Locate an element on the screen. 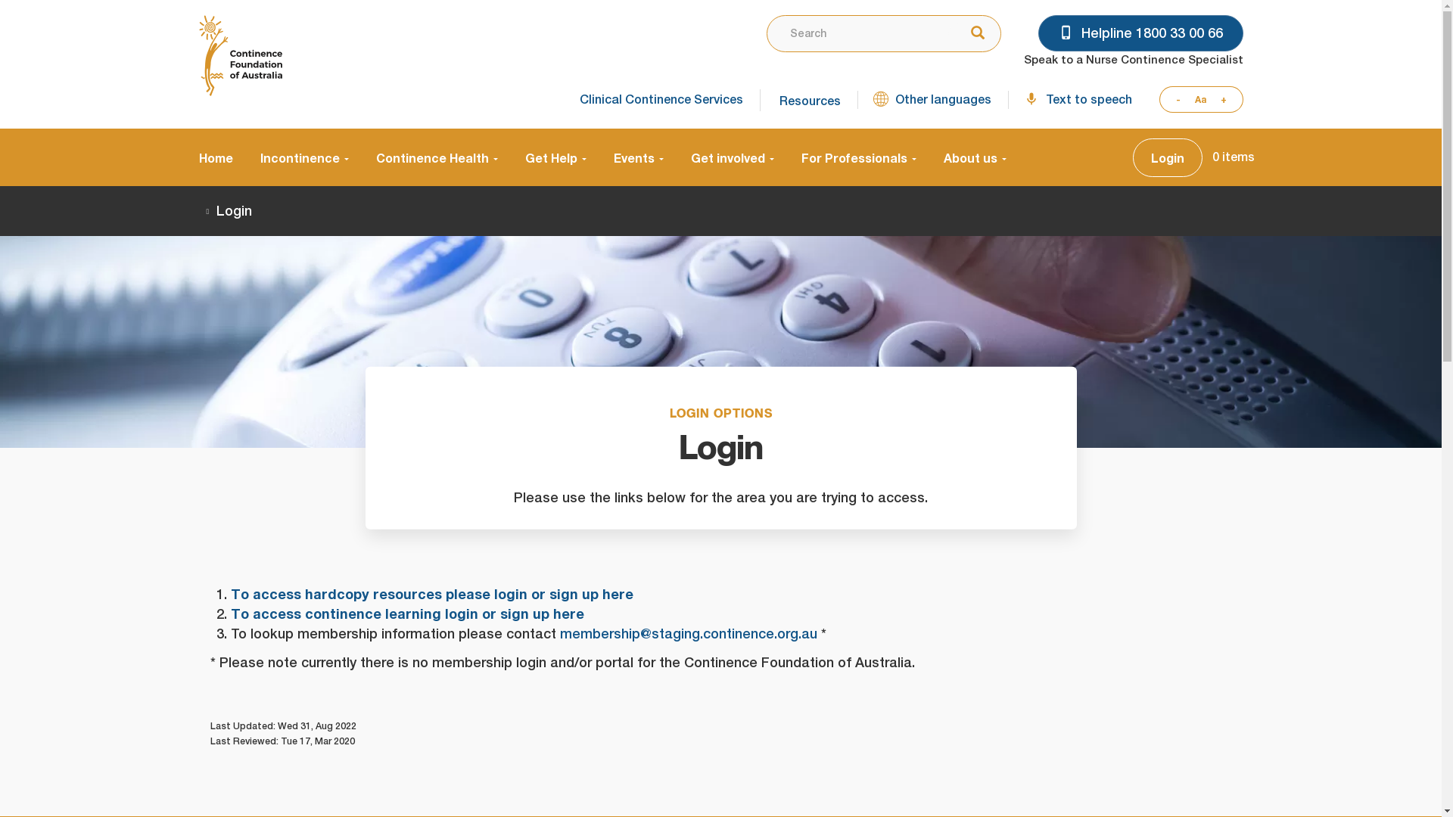  'Home' is located at coordinates (221, 157).